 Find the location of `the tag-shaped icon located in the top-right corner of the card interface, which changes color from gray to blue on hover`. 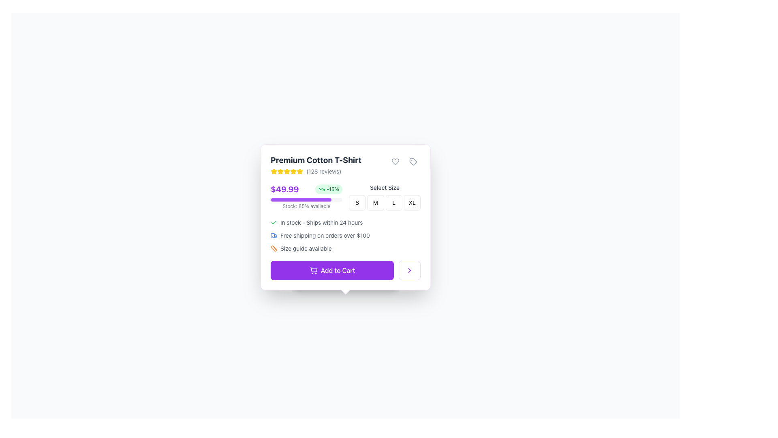

the tag-shaped icon located in the top-right corner of the card interface, which changes color from gray to blue on hover is located at coordinates (413, 161).